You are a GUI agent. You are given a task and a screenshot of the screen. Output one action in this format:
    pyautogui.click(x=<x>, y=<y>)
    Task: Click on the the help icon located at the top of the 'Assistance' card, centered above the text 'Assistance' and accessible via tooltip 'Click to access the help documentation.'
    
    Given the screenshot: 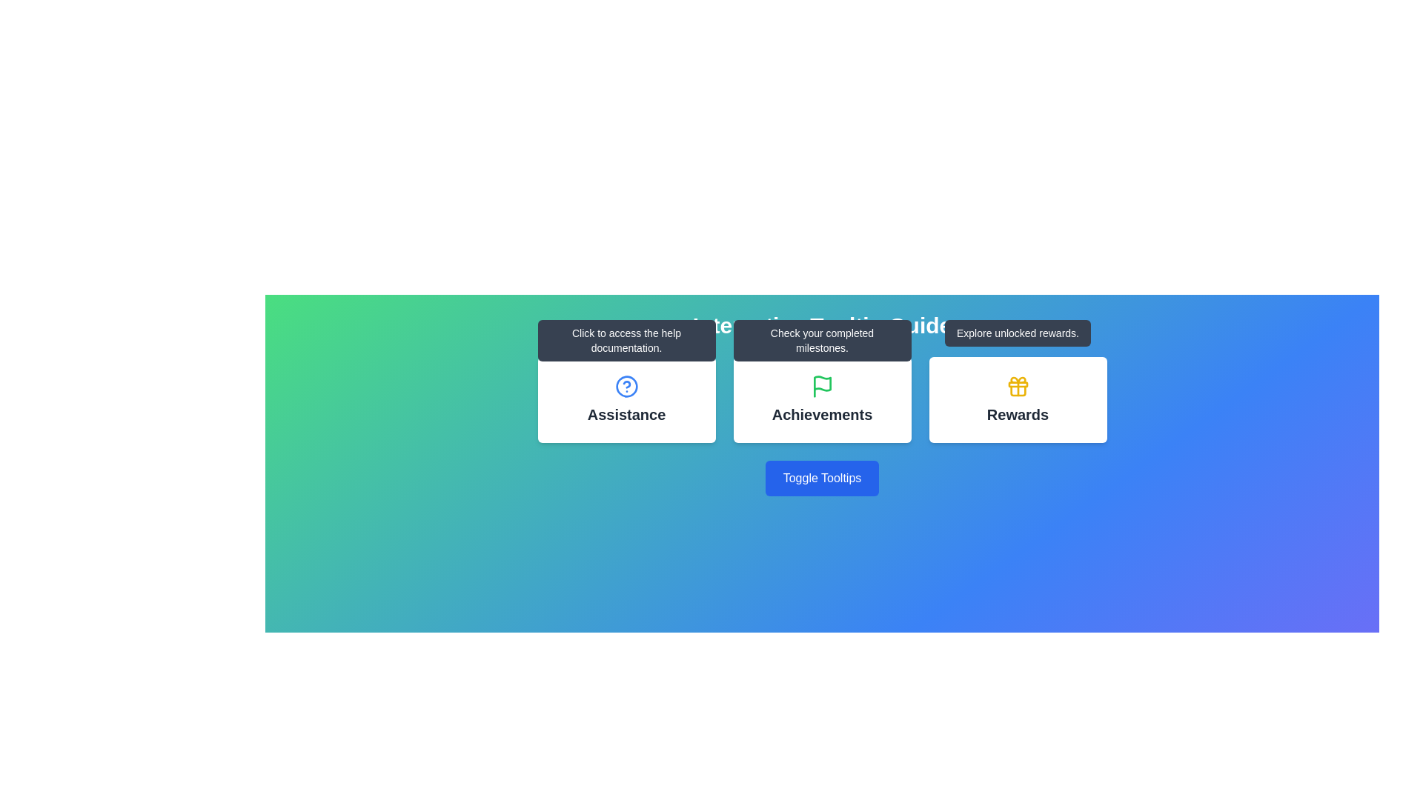 What is the action you would take?
    pyautogui.click(x=626, y=385)
    